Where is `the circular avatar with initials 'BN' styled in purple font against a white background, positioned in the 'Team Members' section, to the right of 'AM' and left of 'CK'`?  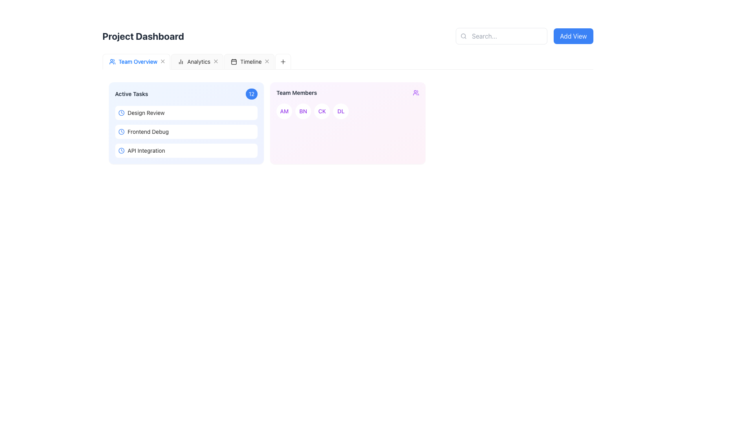
the circular avatar with initials 'BN' styled in purple font against a white background, positioned in the 'Team Members' section, to the right of 'AM' and left of 'CK' is located at coordinates (303, 111).